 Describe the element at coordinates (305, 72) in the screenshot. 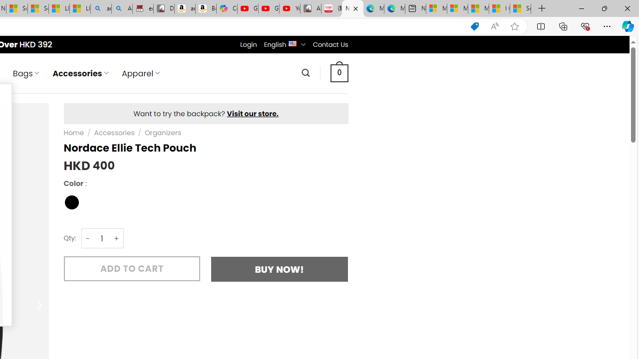

I see `'Search'` at that location.